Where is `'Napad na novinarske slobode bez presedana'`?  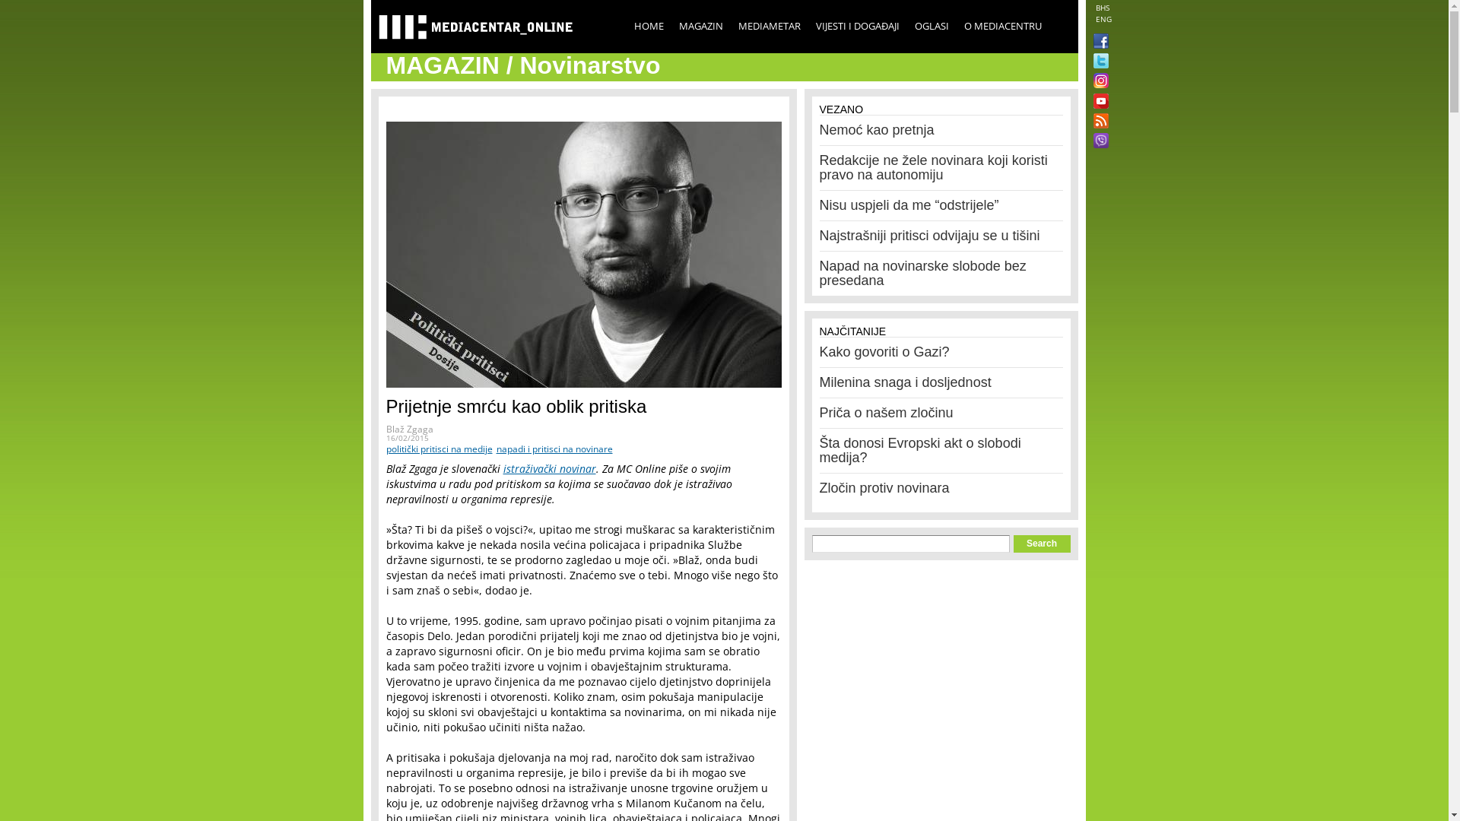 'Napad na novinarske slobode bez presedana' is located at coordinates (922, 272).